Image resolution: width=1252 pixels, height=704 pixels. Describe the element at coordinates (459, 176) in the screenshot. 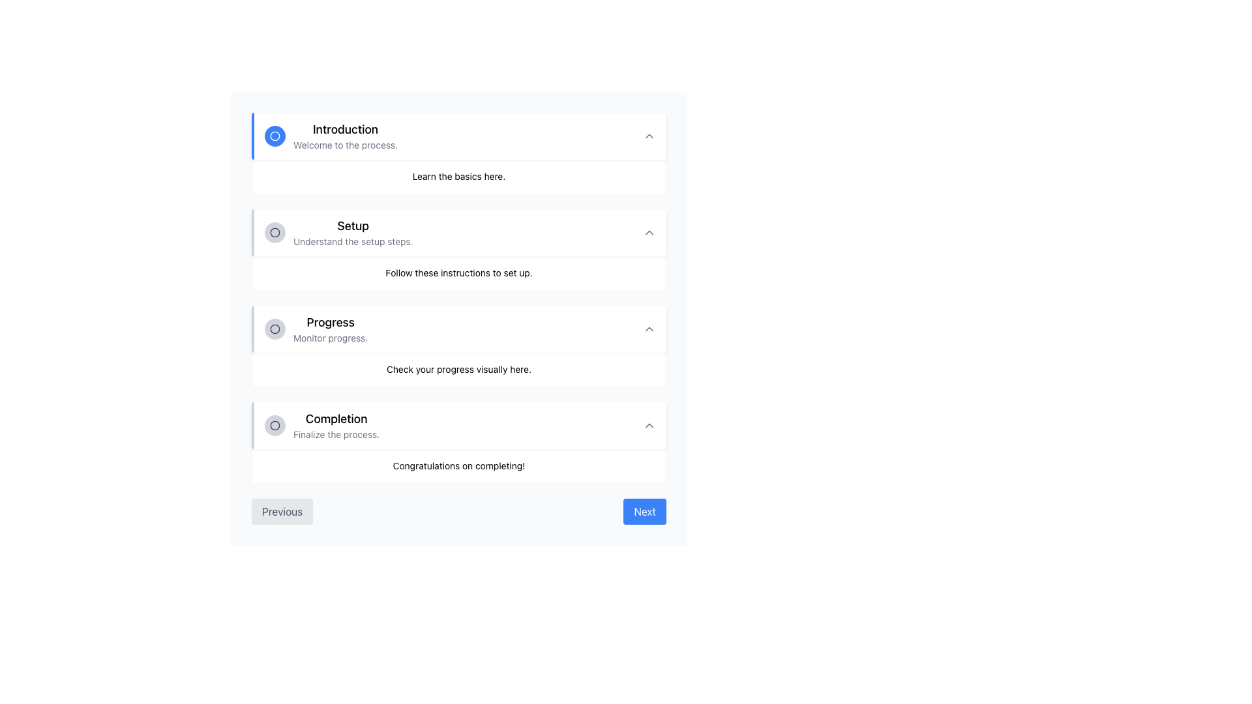

I see `the Static Text Block that says 'Learn the basics here.' which is centrally located below the 'Introduction' section` at that location.